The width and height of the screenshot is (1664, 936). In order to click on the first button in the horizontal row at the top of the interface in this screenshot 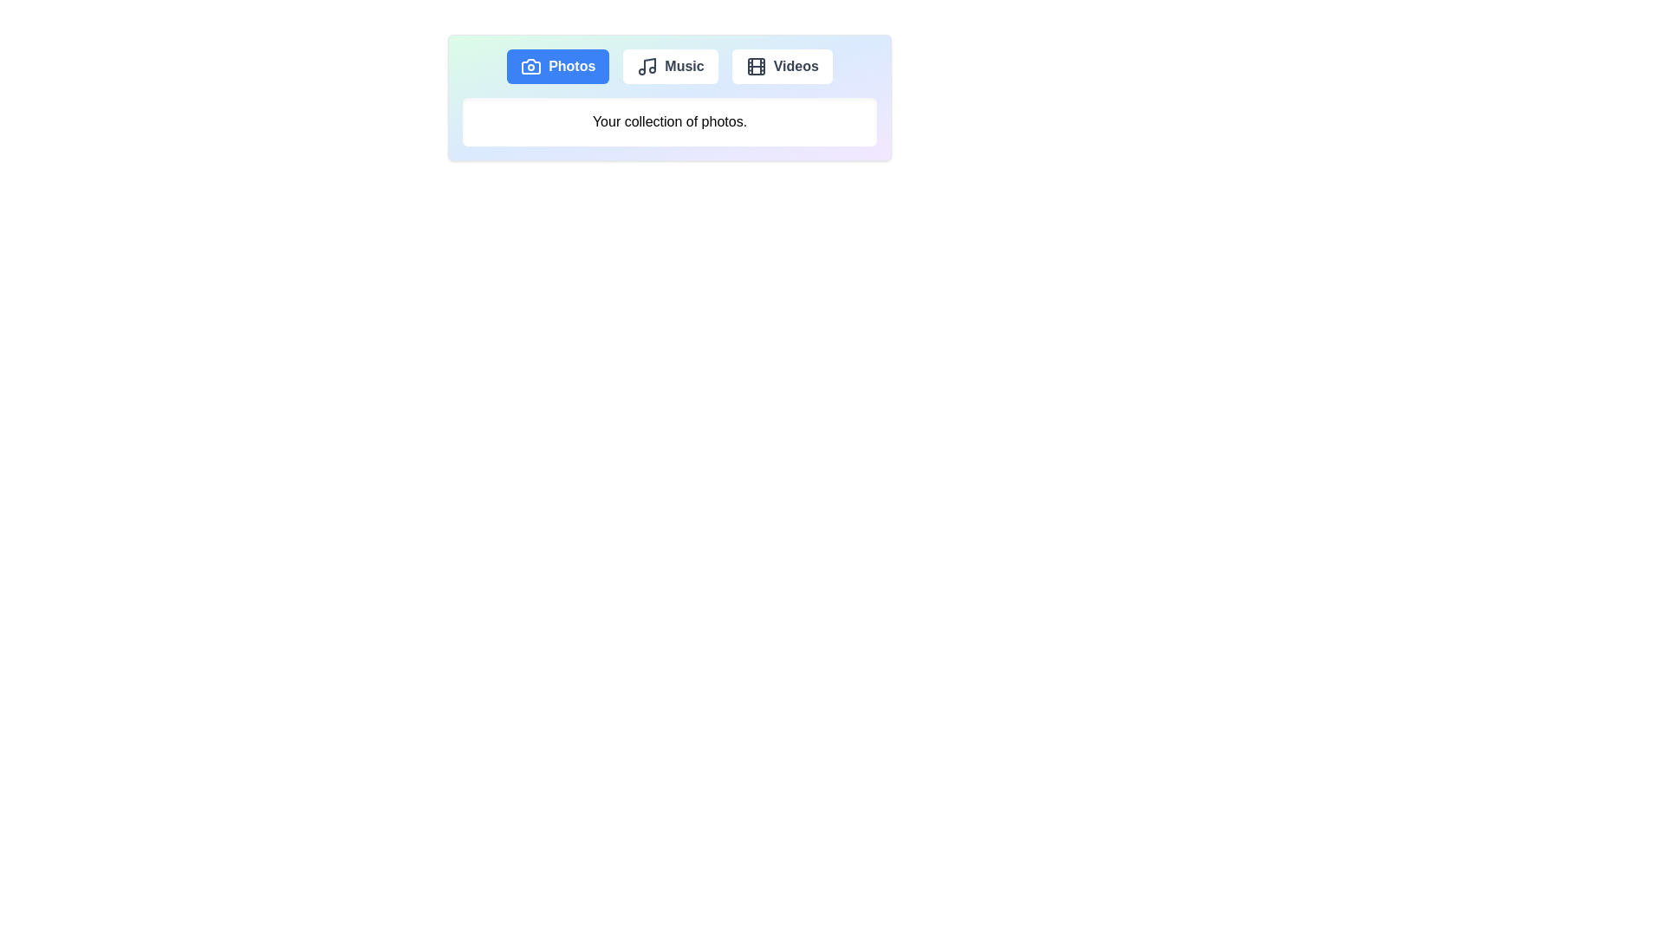, I will do `click(557, 66)`.